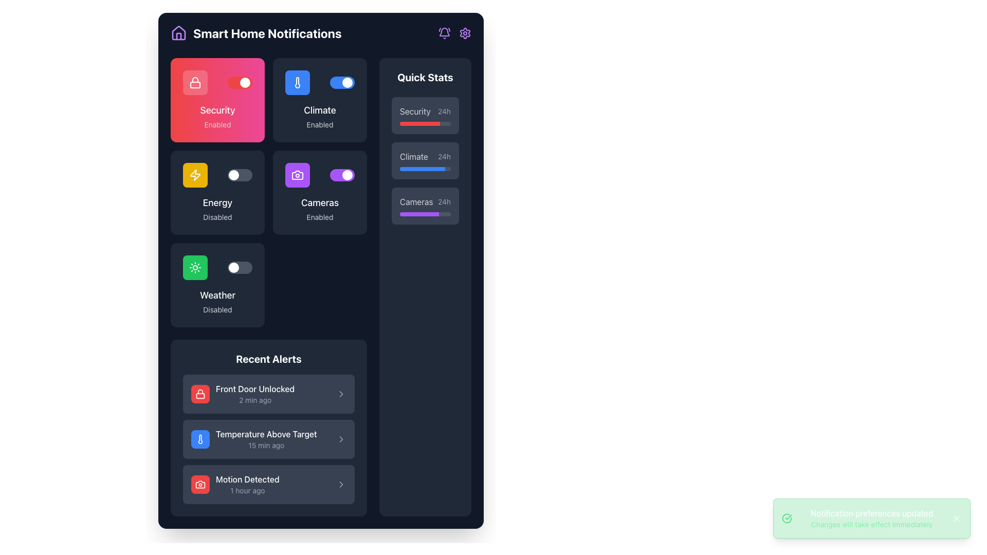 The width and height of the screenshot is (987, 555). Describe the element at coordinates (256, 33) in the screenshot. I see `the Text with icon component that serves as the title for smart home notifications, located near the top-left corner of the interface` at that location.